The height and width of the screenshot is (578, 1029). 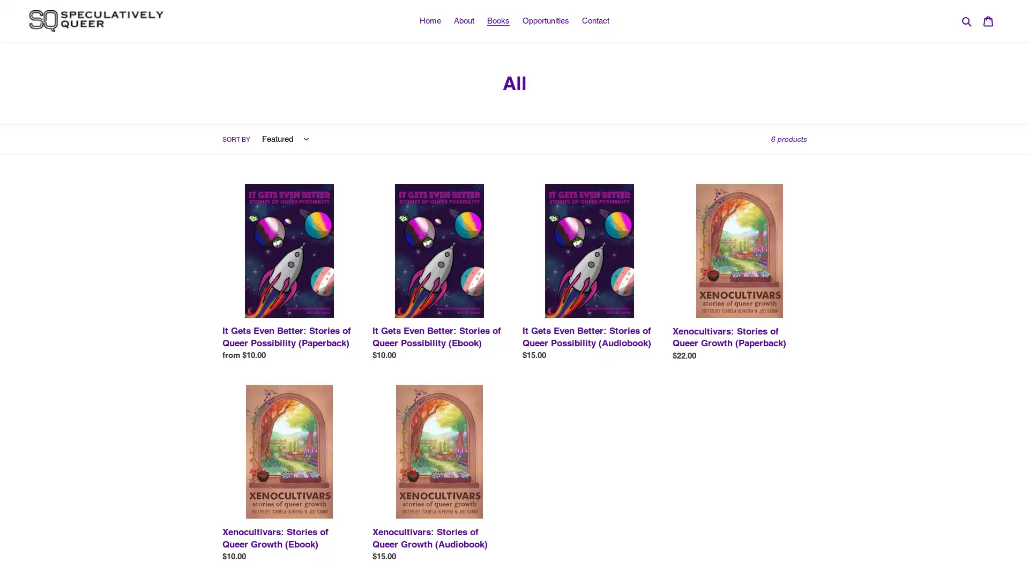 What do you see at coordinates (967, 20) in the screenshot?
I see `Search` at bounding box center [967, 20].